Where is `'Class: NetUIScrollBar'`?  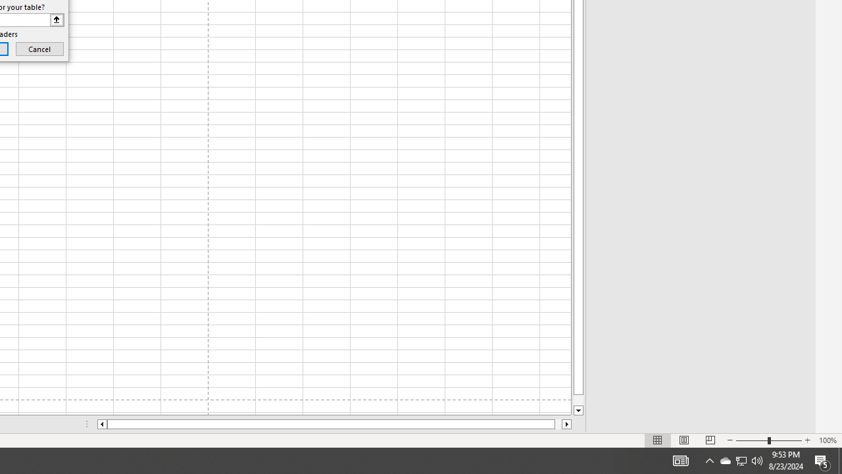
'Class: NetUIScrollBar' is located at coordinates (334, 424).